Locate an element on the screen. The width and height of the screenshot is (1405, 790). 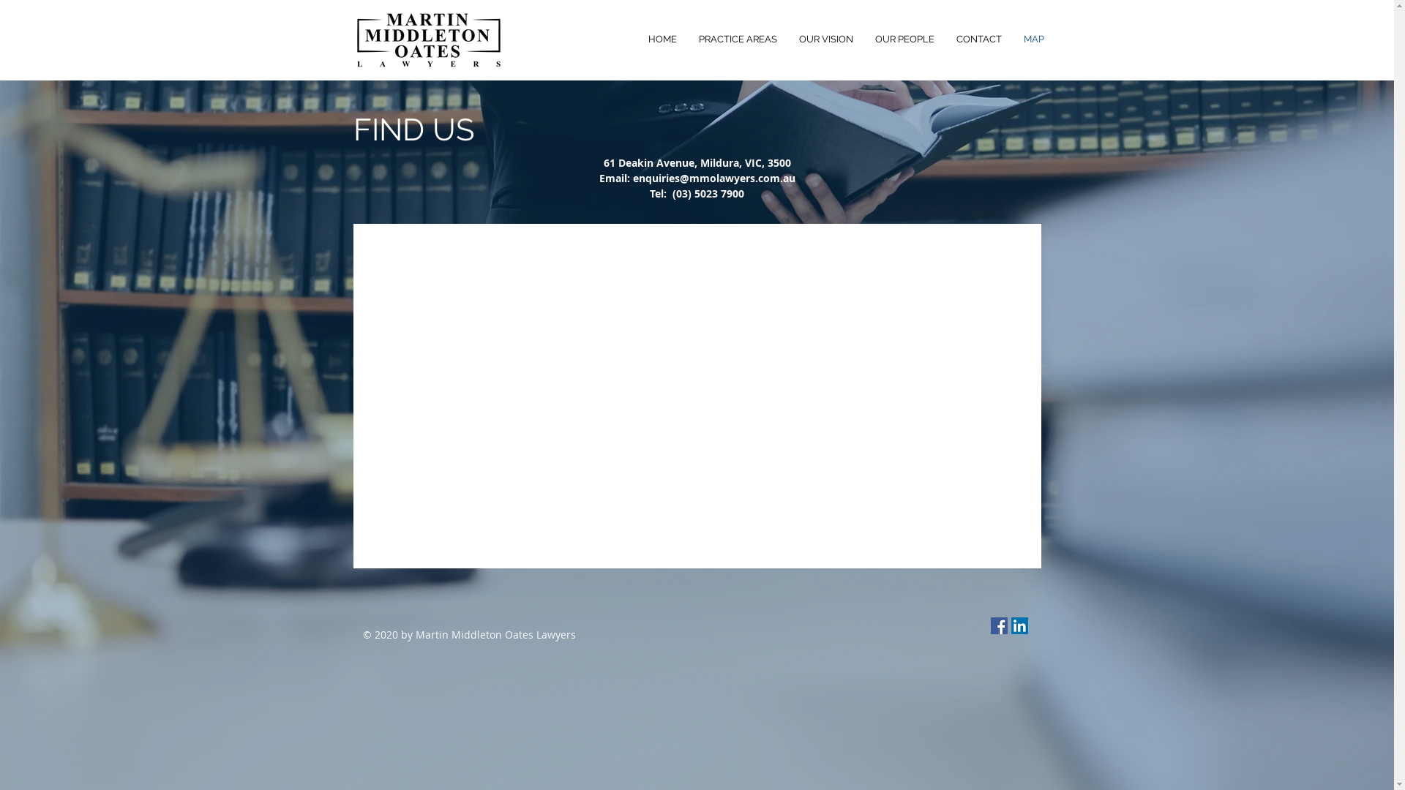
'enquiries@mmolawyers.com.au' is located at coordinates (713, 177).